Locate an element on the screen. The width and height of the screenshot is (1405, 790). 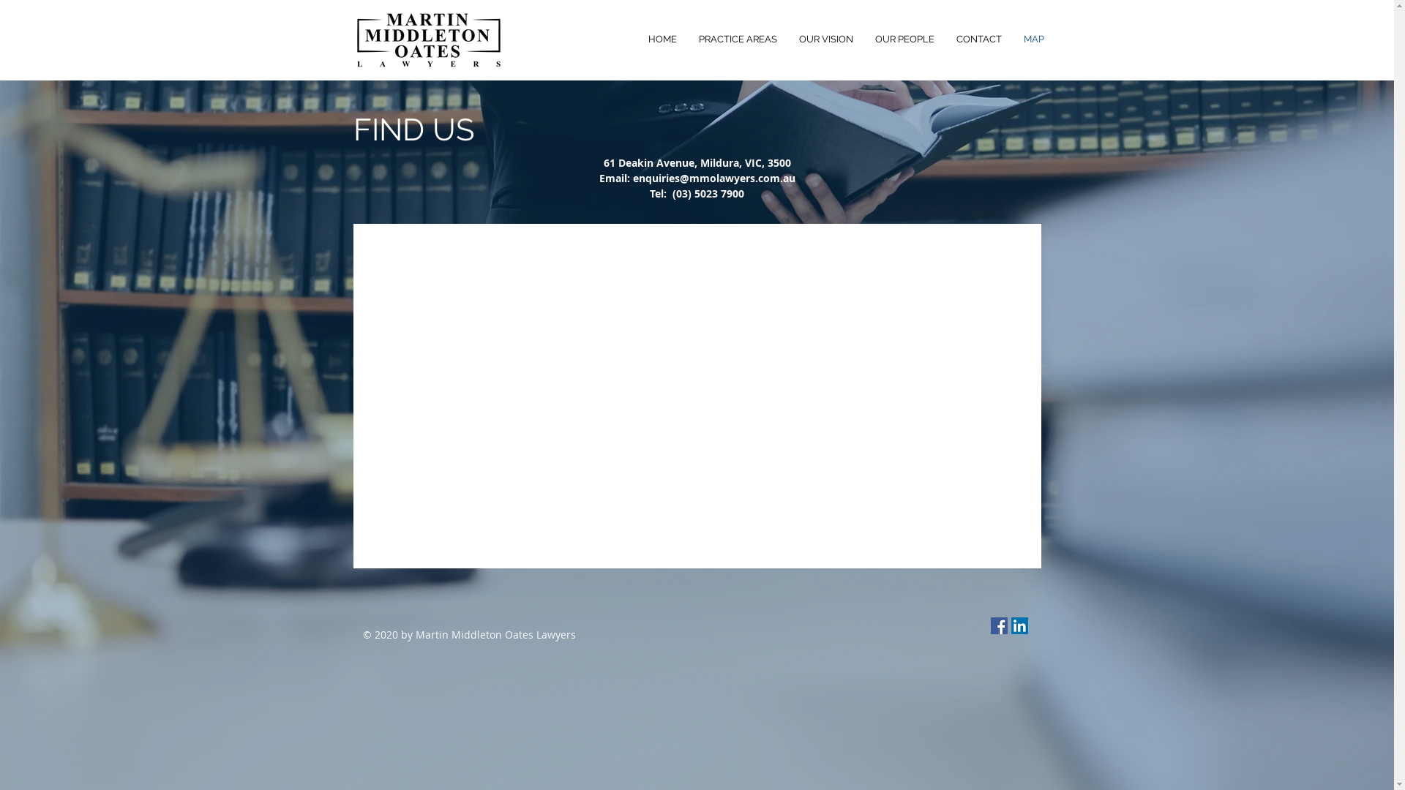
'enquiries@mmolawyers.com.au' is located at coordinates (713, 177).